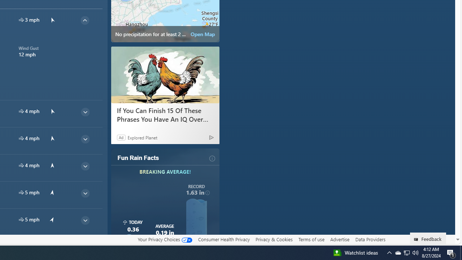 The image size is (462, 260). What do you see at coordinates (274, 239) in the screenshot?
I see `'Privacy & Cookies'` at bounding box center [274, 239].